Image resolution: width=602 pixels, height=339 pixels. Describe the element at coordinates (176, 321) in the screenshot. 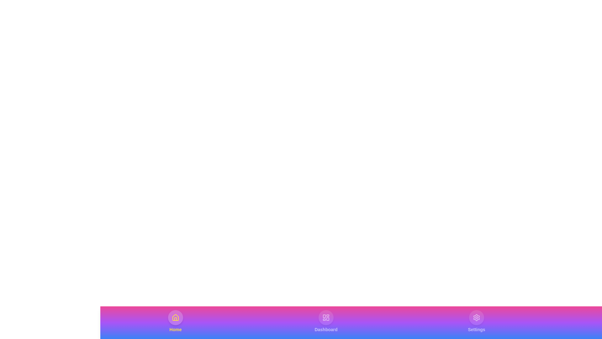

I see `the Home tab to see its hover effect` at that location.